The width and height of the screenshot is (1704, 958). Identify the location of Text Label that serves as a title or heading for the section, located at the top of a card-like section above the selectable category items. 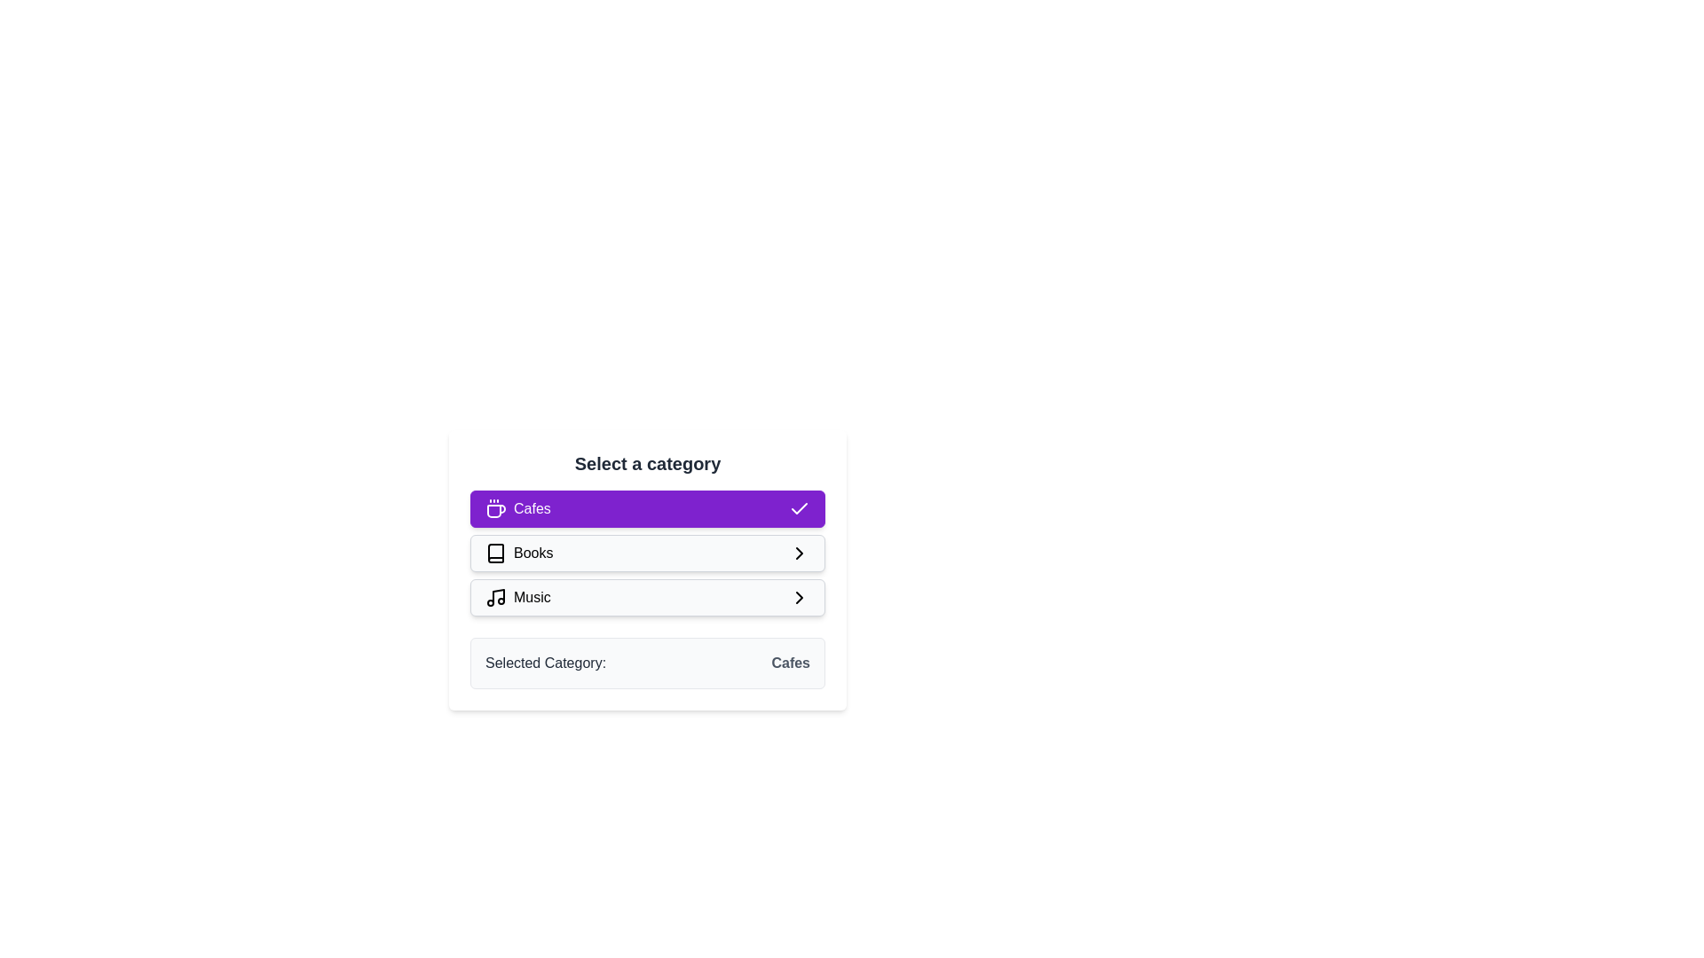
(646, 463).